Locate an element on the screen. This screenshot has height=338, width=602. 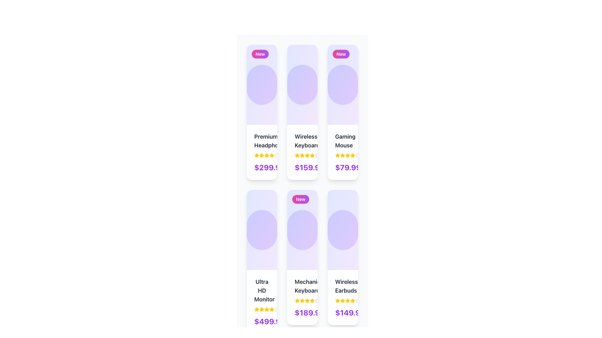
the fifth star-shaped icon with a yellow fill in the product rating section of the 'Ultra HD Monitor' card is located at coordinates (267, 309).